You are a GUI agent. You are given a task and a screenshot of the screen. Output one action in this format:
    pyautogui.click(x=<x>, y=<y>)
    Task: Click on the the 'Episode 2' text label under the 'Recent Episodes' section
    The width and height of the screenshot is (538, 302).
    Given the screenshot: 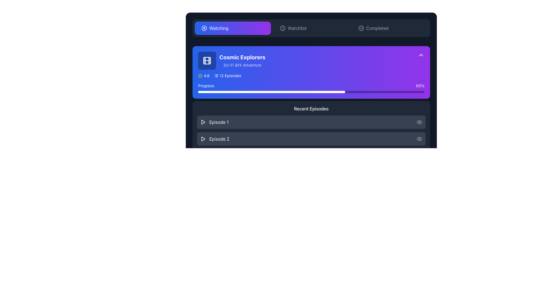 What is the action you would take?
    pyautogui.click(x=214, y=139)
    